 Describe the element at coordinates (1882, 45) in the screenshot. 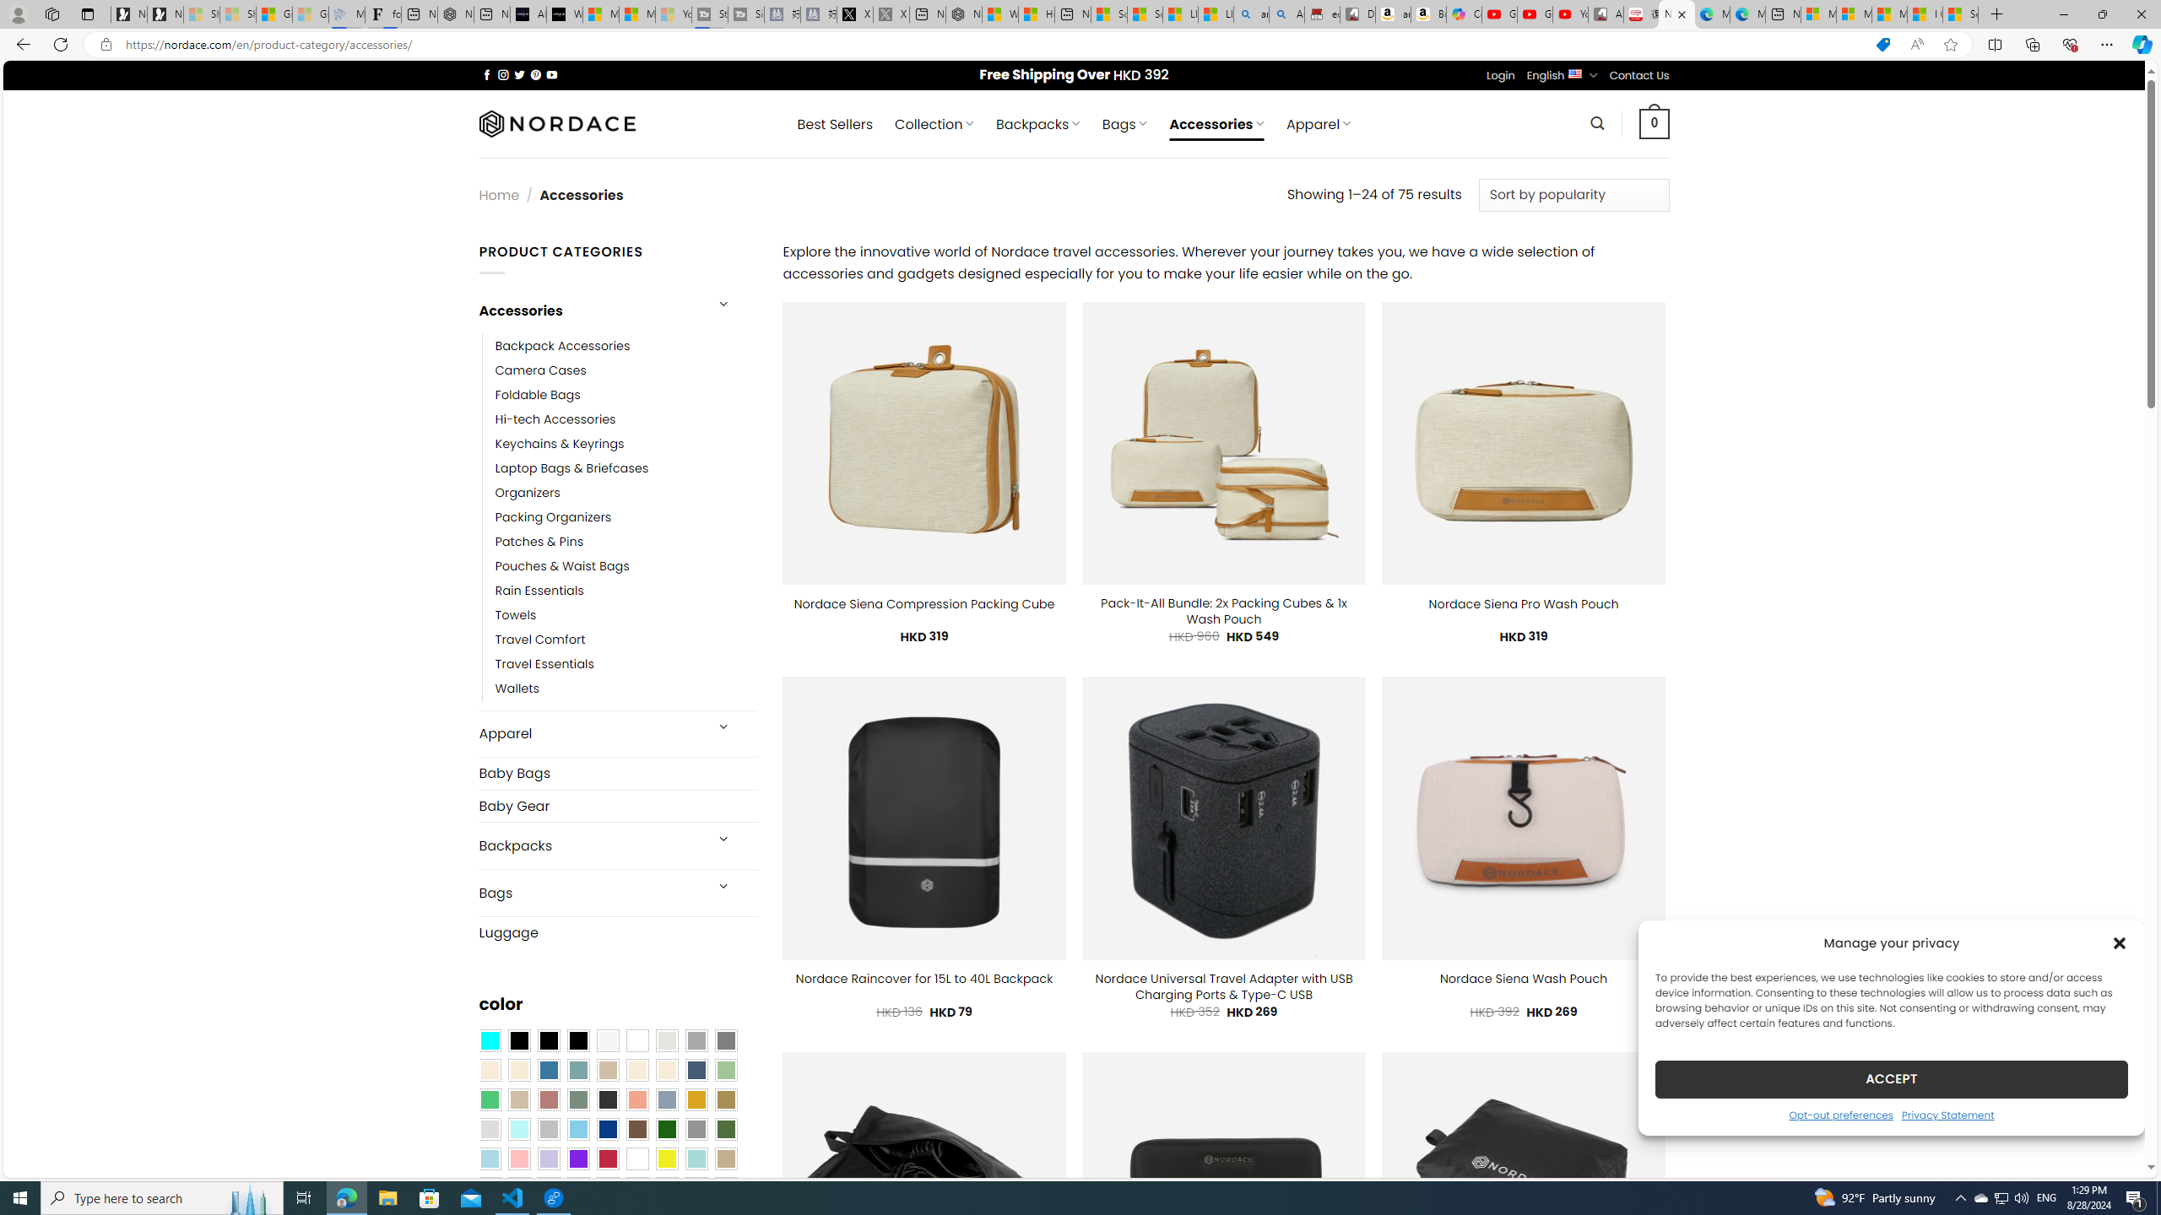

I see `'This site has coupons! Shopping in Microsoft Edge'` at that location.